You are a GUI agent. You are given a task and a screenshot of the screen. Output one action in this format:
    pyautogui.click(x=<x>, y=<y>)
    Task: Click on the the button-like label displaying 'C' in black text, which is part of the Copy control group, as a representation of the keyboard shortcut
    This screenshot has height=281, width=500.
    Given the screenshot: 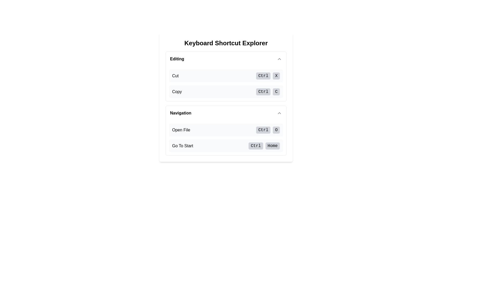 What is the action you would take?
    pyautogui.click(x=276, y=92)
    